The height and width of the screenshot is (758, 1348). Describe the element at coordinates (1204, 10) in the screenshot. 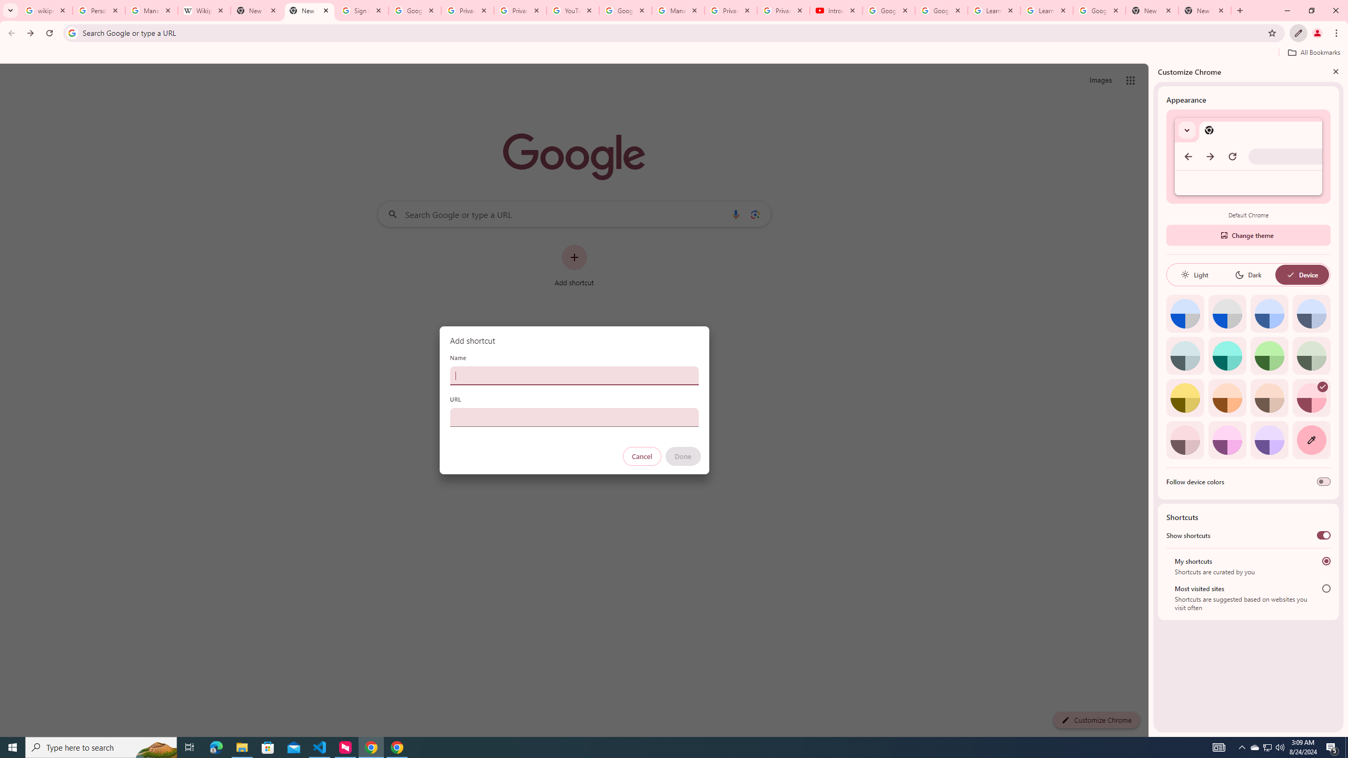

I see `'New Tab'` at that location.